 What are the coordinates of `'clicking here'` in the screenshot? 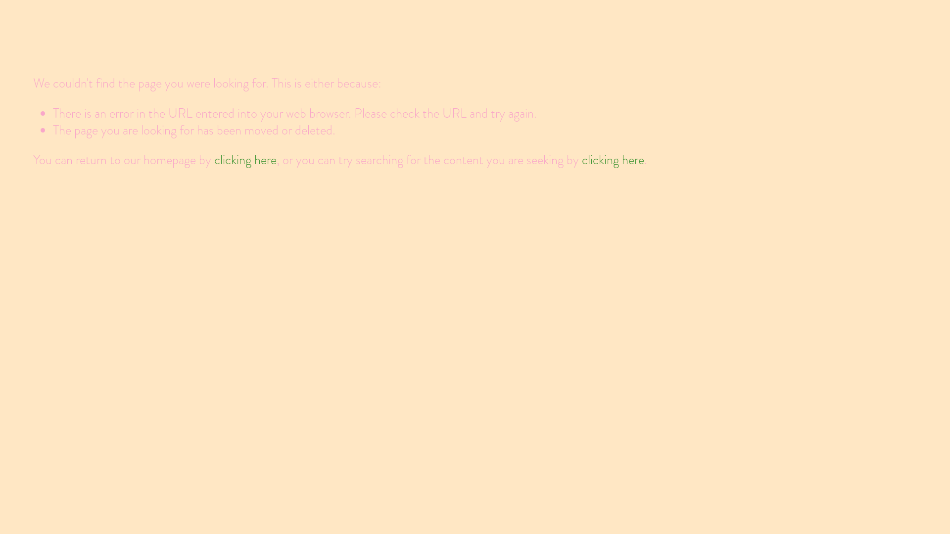 It's located at (612, 159).